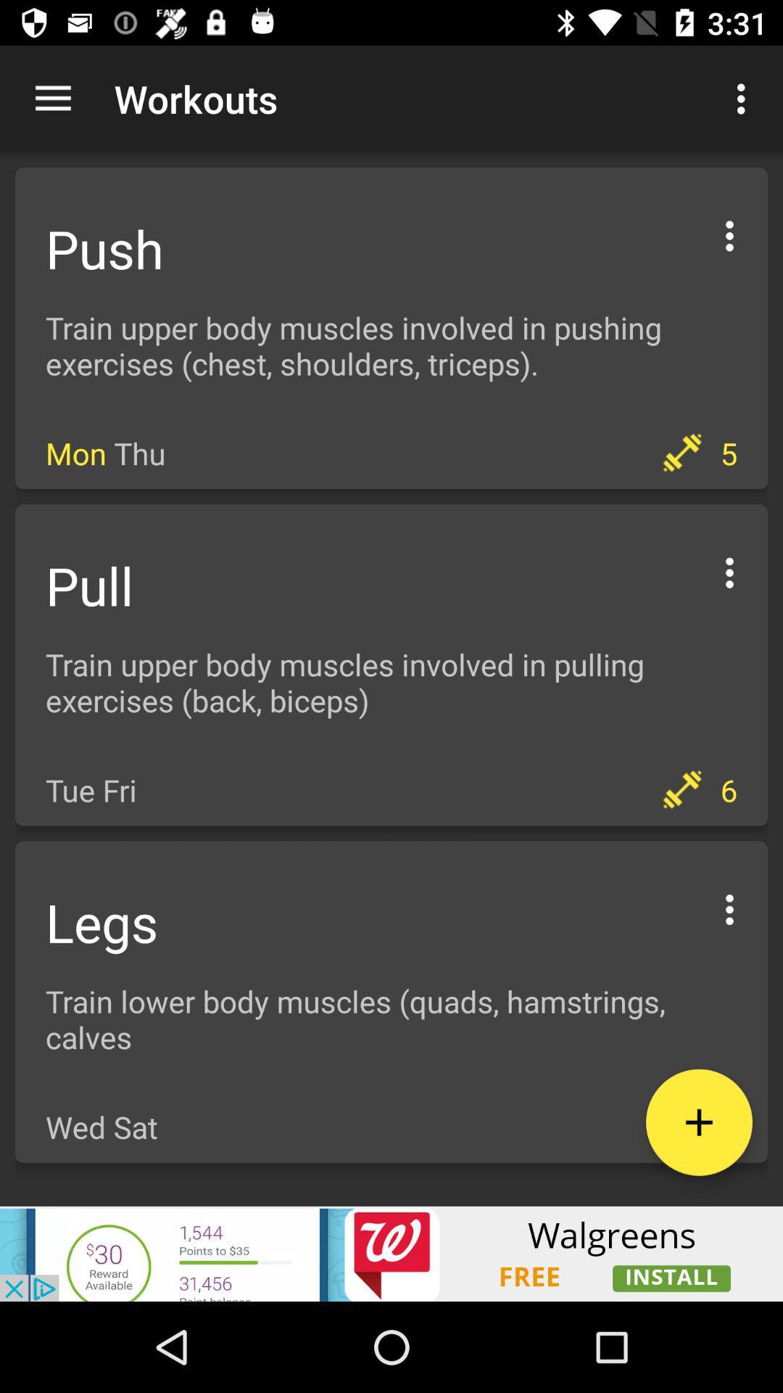 The width and height of the screenshot is (783, 1393). I want to click on menu options, so click(729, 570).